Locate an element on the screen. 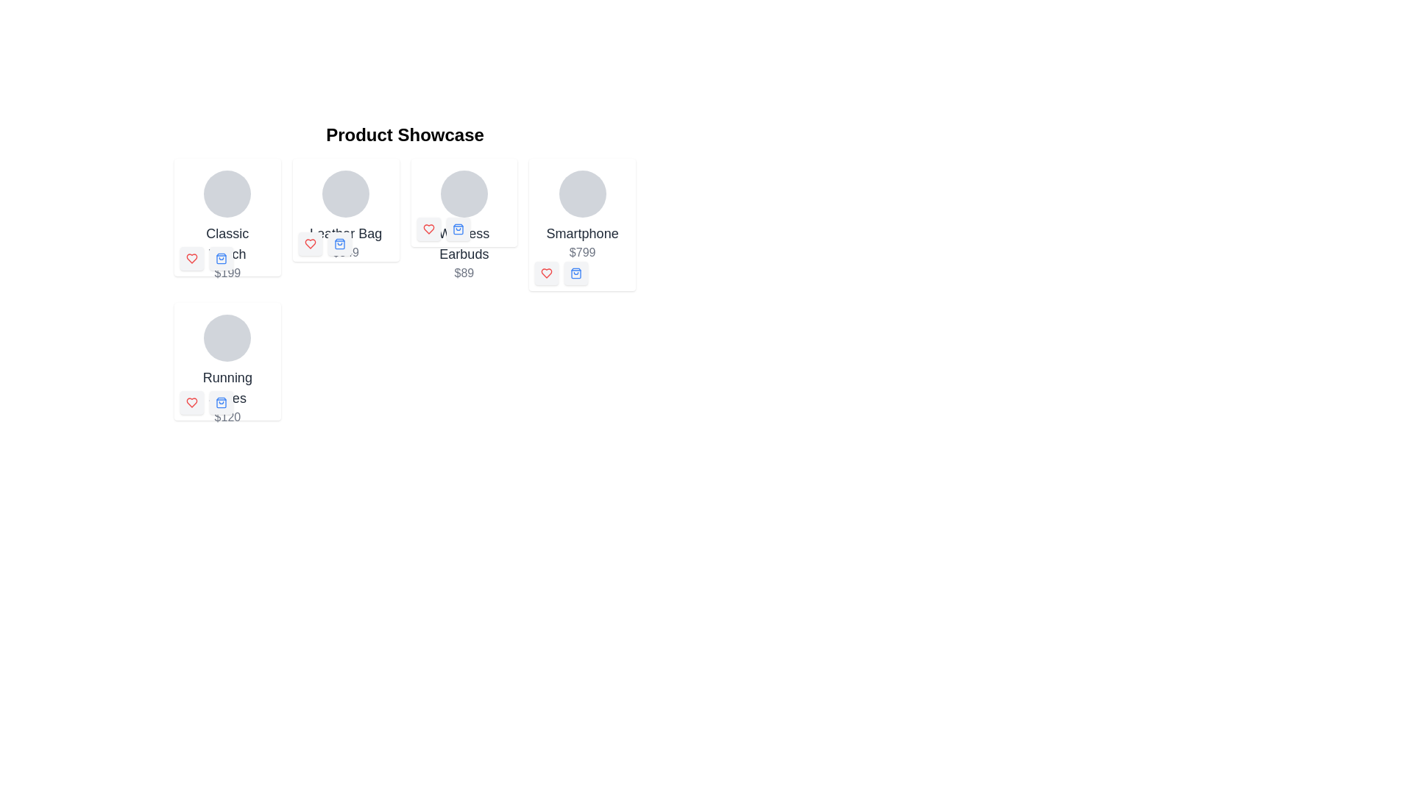 The height and width of the screenshot is (794, 1413). the 'like' icon associated with the 'Classic Watch' card, located above the price '$199' in the grid layout is located at coordinates (191, 257).